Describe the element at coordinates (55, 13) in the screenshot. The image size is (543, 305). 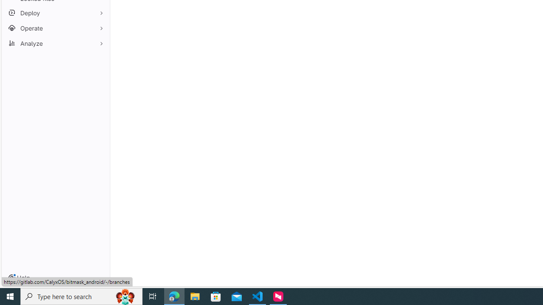
I see `'Deploy'` at that location.